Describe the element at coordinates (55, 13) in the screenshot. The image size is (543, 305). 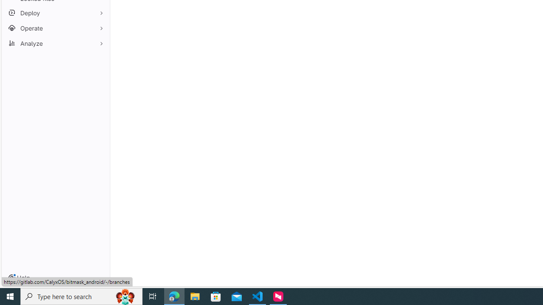
I see `'Deploy'` at that location.